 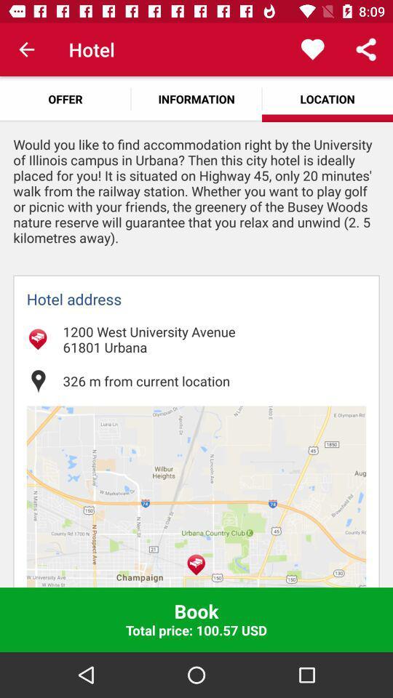 I want to click on app to the right of offer item, so click(x=196, y=98).